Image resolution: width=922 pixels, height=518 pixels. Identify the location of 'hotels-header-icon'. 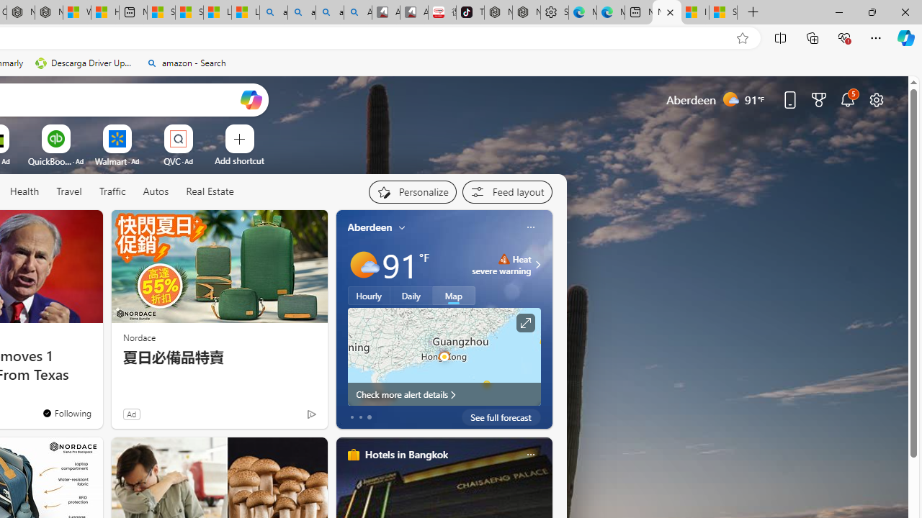
(353, 455).